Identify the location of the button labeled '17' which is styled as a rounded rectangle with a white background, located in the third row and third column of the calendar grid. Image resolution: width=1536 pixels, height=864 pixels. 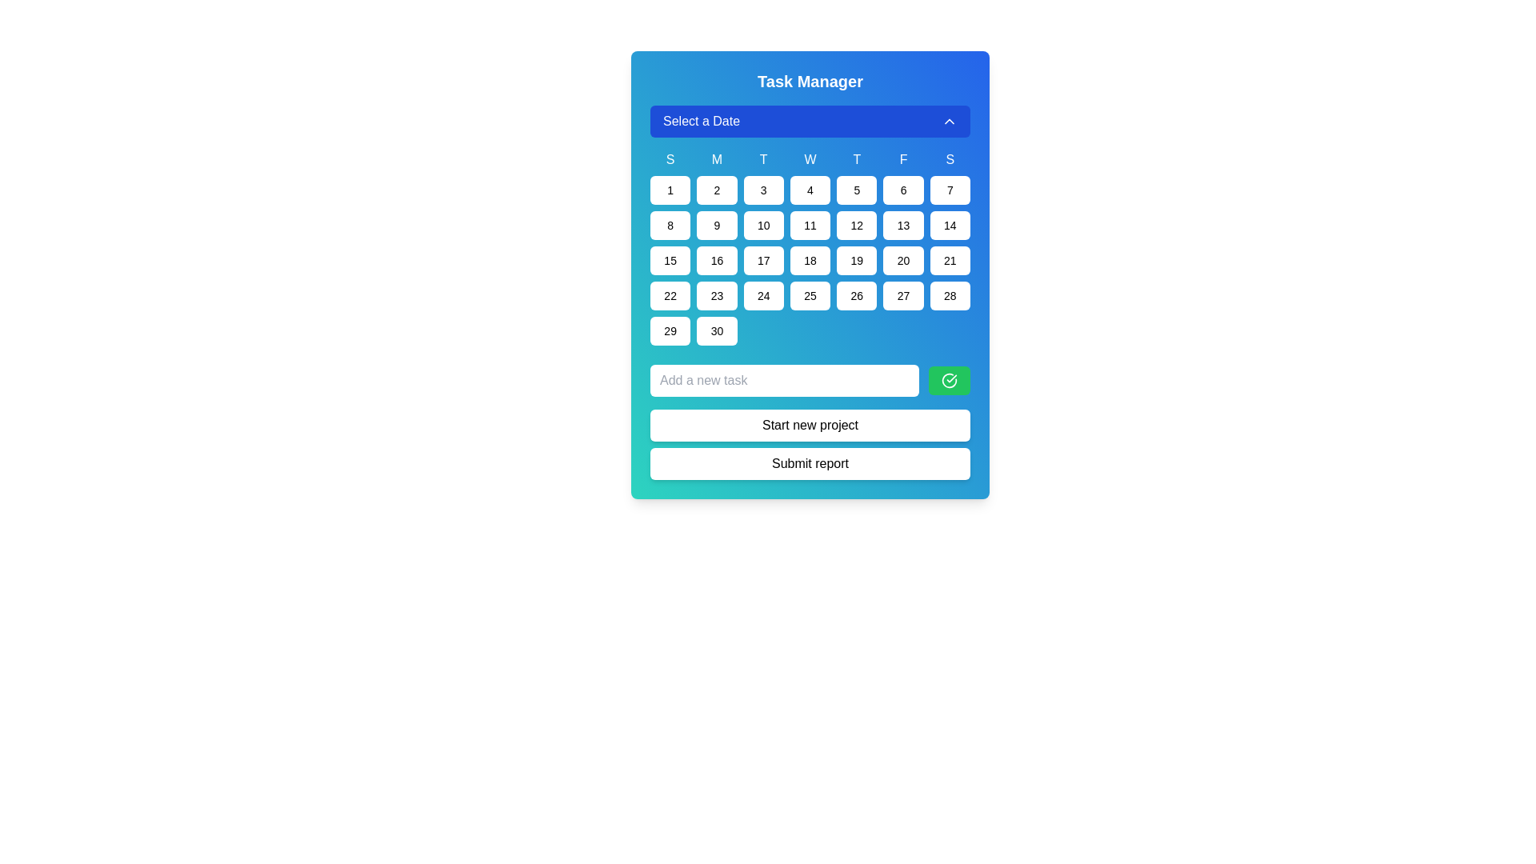
(762, 260).